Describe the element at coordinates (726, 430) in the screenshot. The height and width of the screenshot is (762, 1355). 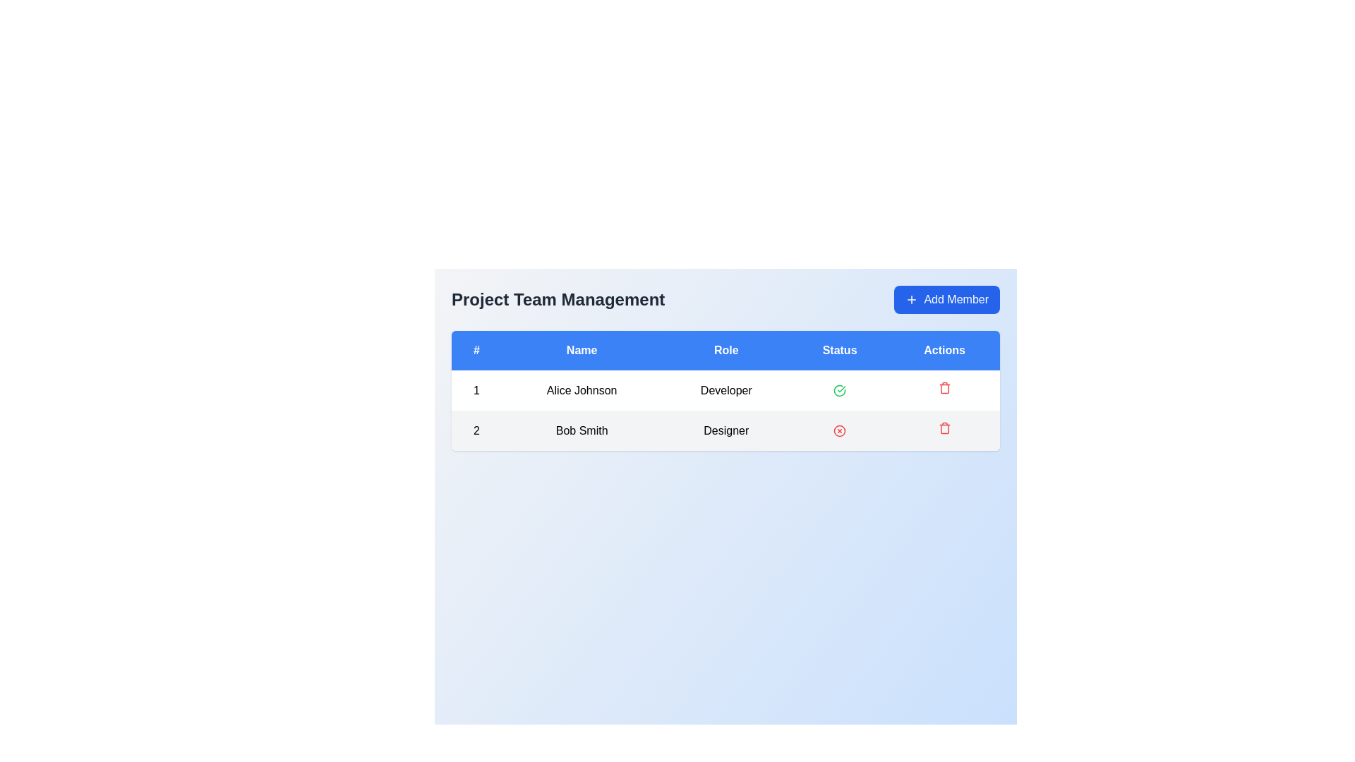
I see `the text label reading 'Designer' located in the second row of a table under the 'Role' column header` at that location.